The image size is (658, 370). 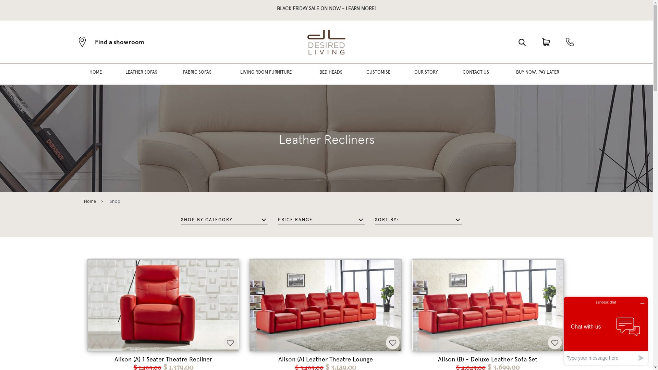 What do you see at coordinates (95, 74) in the screenshot?
I see `'HOME'` at bounding box center [95, 74].